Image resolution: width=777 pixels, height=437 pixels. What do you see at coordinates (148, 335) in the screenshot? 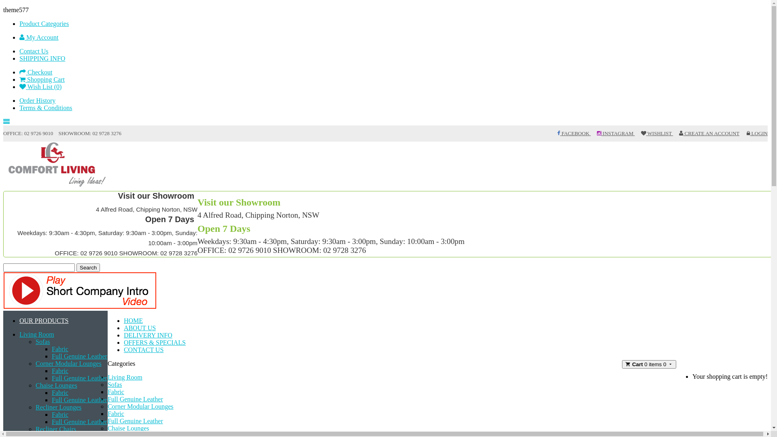
I see `'DELIVERY INFO'` at bounding box center [148, 335].